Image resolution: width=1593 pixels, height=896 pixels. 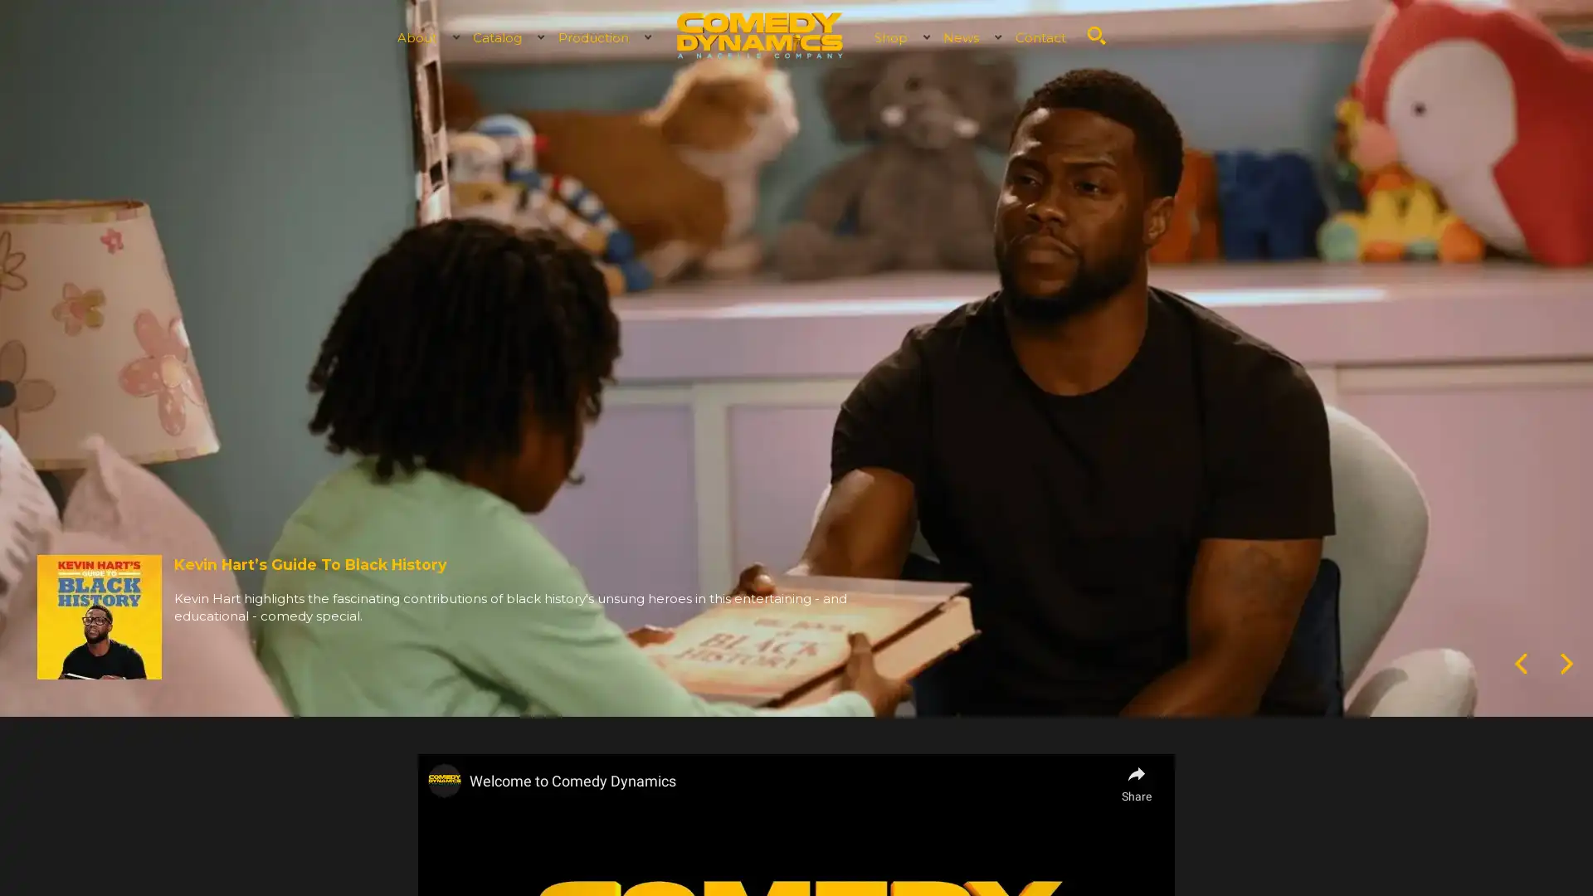 I want to click on Expand child menu, so click(x=646, y=37).